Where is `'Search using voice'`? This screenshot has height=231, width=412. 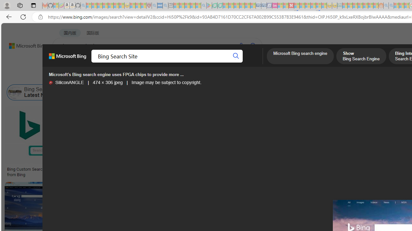
'Search using voice' is located at coordinates (240, 45).